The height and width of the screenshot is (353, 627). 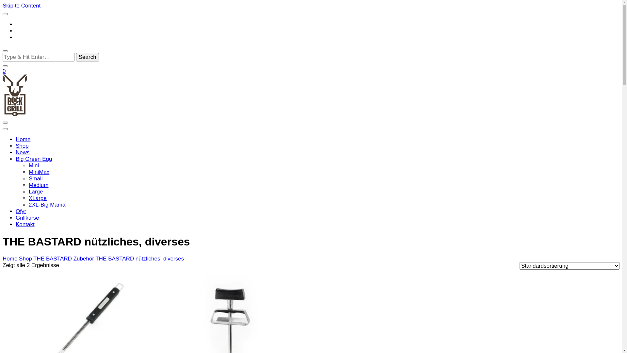 What do you see at coordinates (16, 211) in the screenshot?
I see `'Ofyr'` at bounding box center [16, 211].